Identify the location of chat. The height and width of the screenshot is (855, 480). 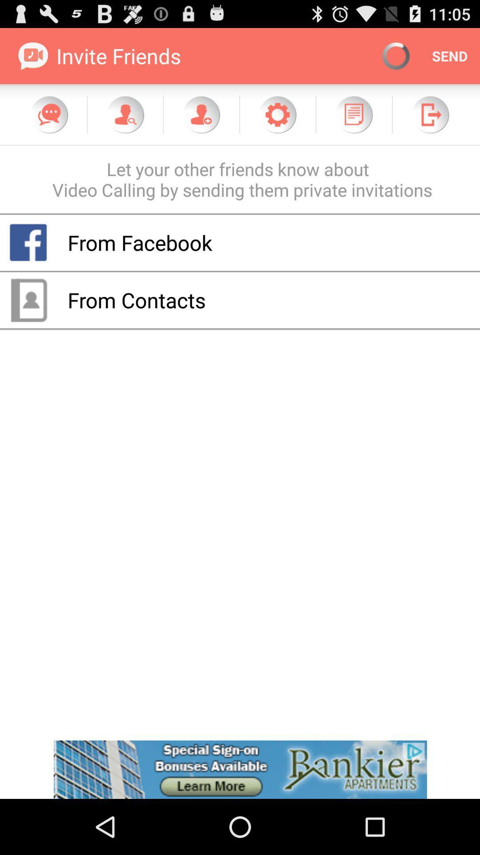
(49, 114).